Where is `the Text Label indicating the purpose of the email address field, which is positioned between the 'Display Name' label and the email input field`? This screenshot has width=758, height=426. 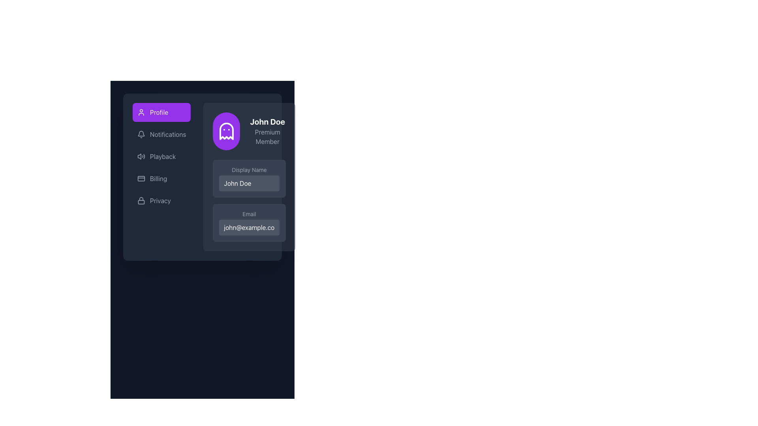
the Text Label indicating the purpose of the email address field, which is positioned between the 'Display Name' label and the email input field is located at coordinates (249, 214).